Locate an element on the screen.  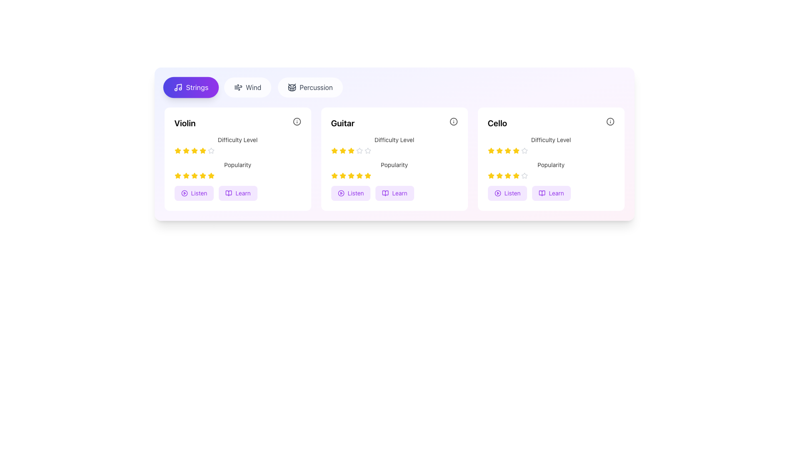
the button labeled 'Strings' which is styled in bold white text on a gradient background, located on the far left of the category buttons including 'Wind' and 'Percussion' is located at coordinates (196, 87).